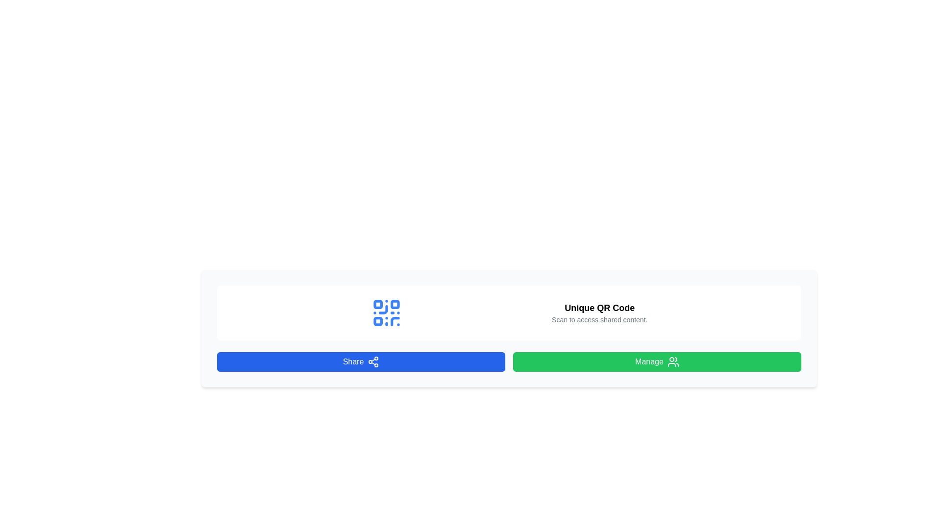 The height and width of the screenshot is (529, 941). Describe the element at coordinates (386, 313) in the screenshot. I see `the blue QR code icon, which is the leftmost element in a group that includes descriptive text and buttons below it, located slightly towards the top of the interface` at that location.